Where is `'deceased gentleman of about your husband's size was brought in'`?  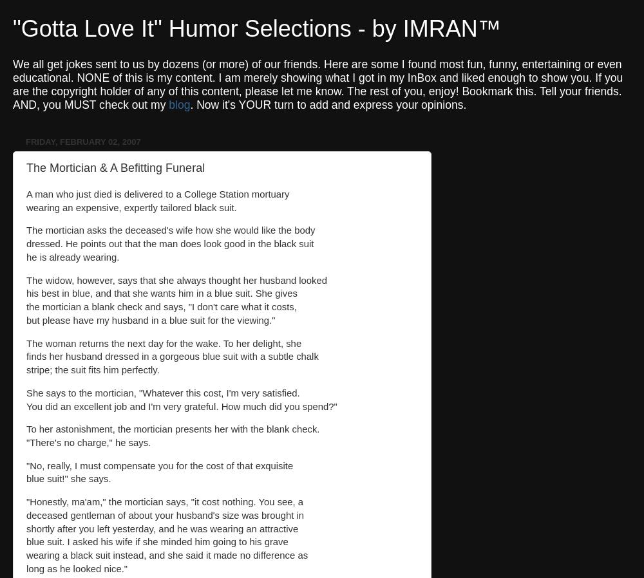 'deceased gentleman of about your husband's size was brought in' is located at coordinates (165, 515).